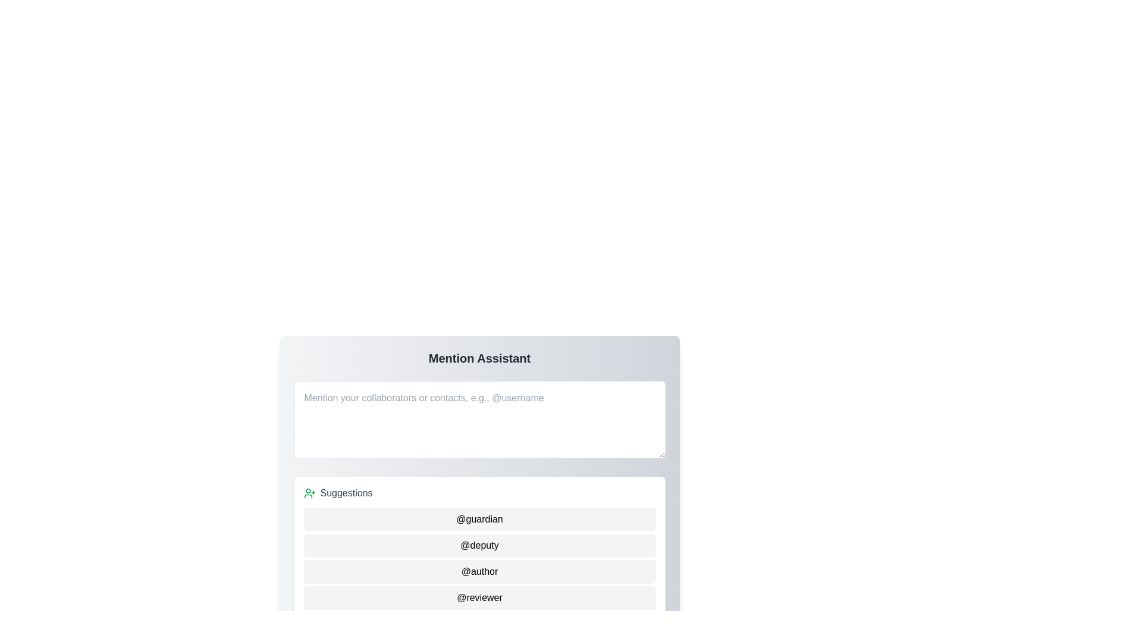  I want to click on to select the '@author' item from the Suggestions section of the Mention Assistant interface, which is the third item in a vertical list, so click(479, 571).